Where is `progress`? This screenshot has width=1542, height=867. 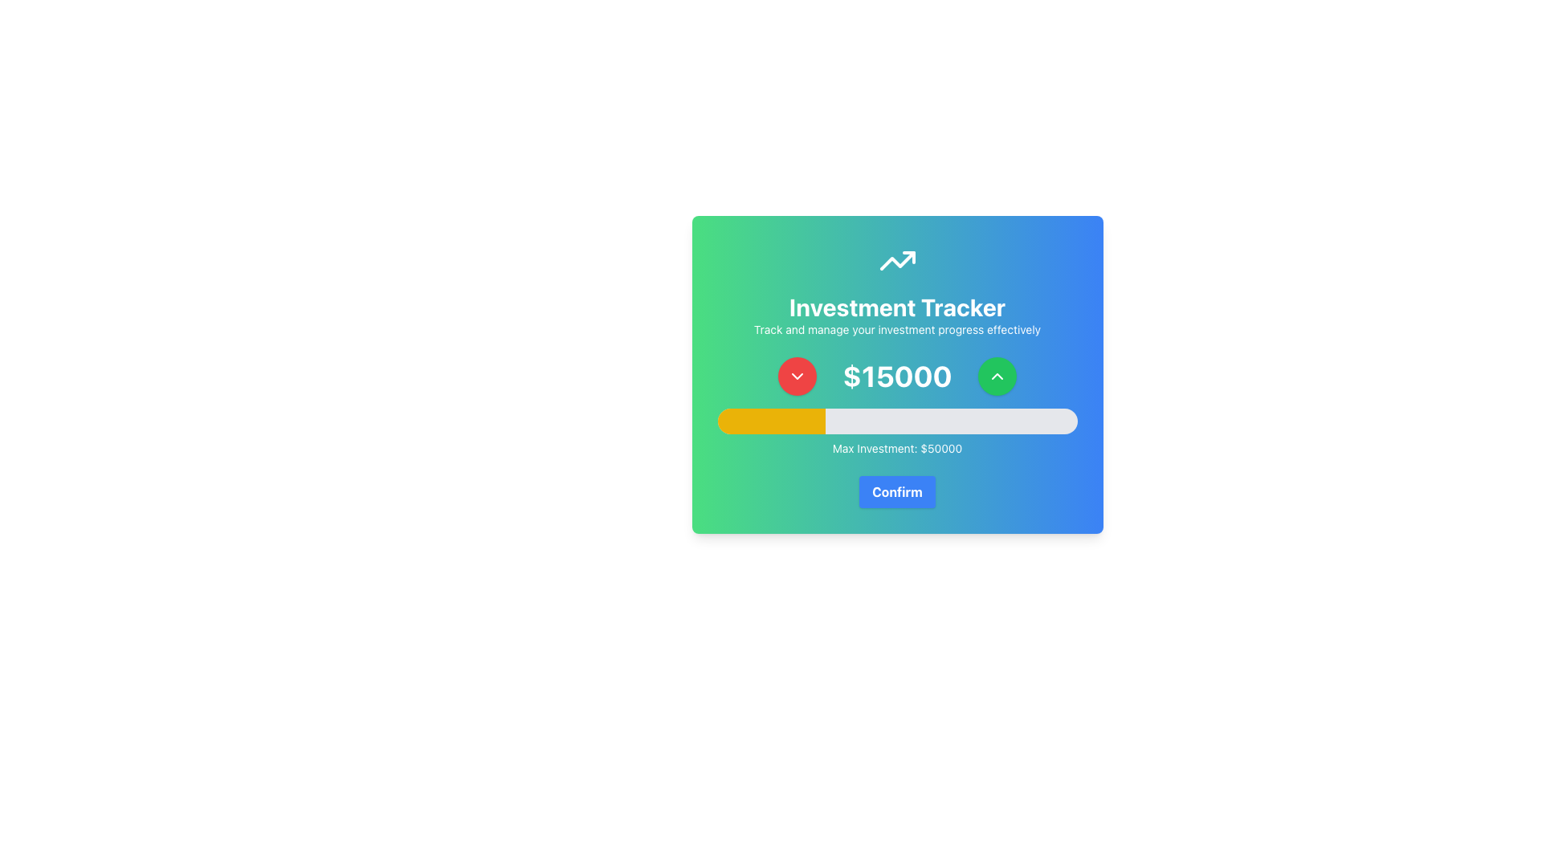 progress is located at coordinates (940, 420).